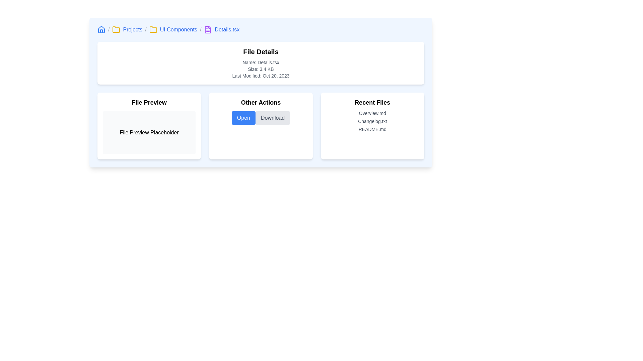 The width and height of the screenshot is (643, 361). Describe the element at coordinates (153, 29) in the screenshot. I see `the inner area of the yellow folder icon in the breadcrumb navigation bar, which is part of the folder graphic's appearance` at that location.